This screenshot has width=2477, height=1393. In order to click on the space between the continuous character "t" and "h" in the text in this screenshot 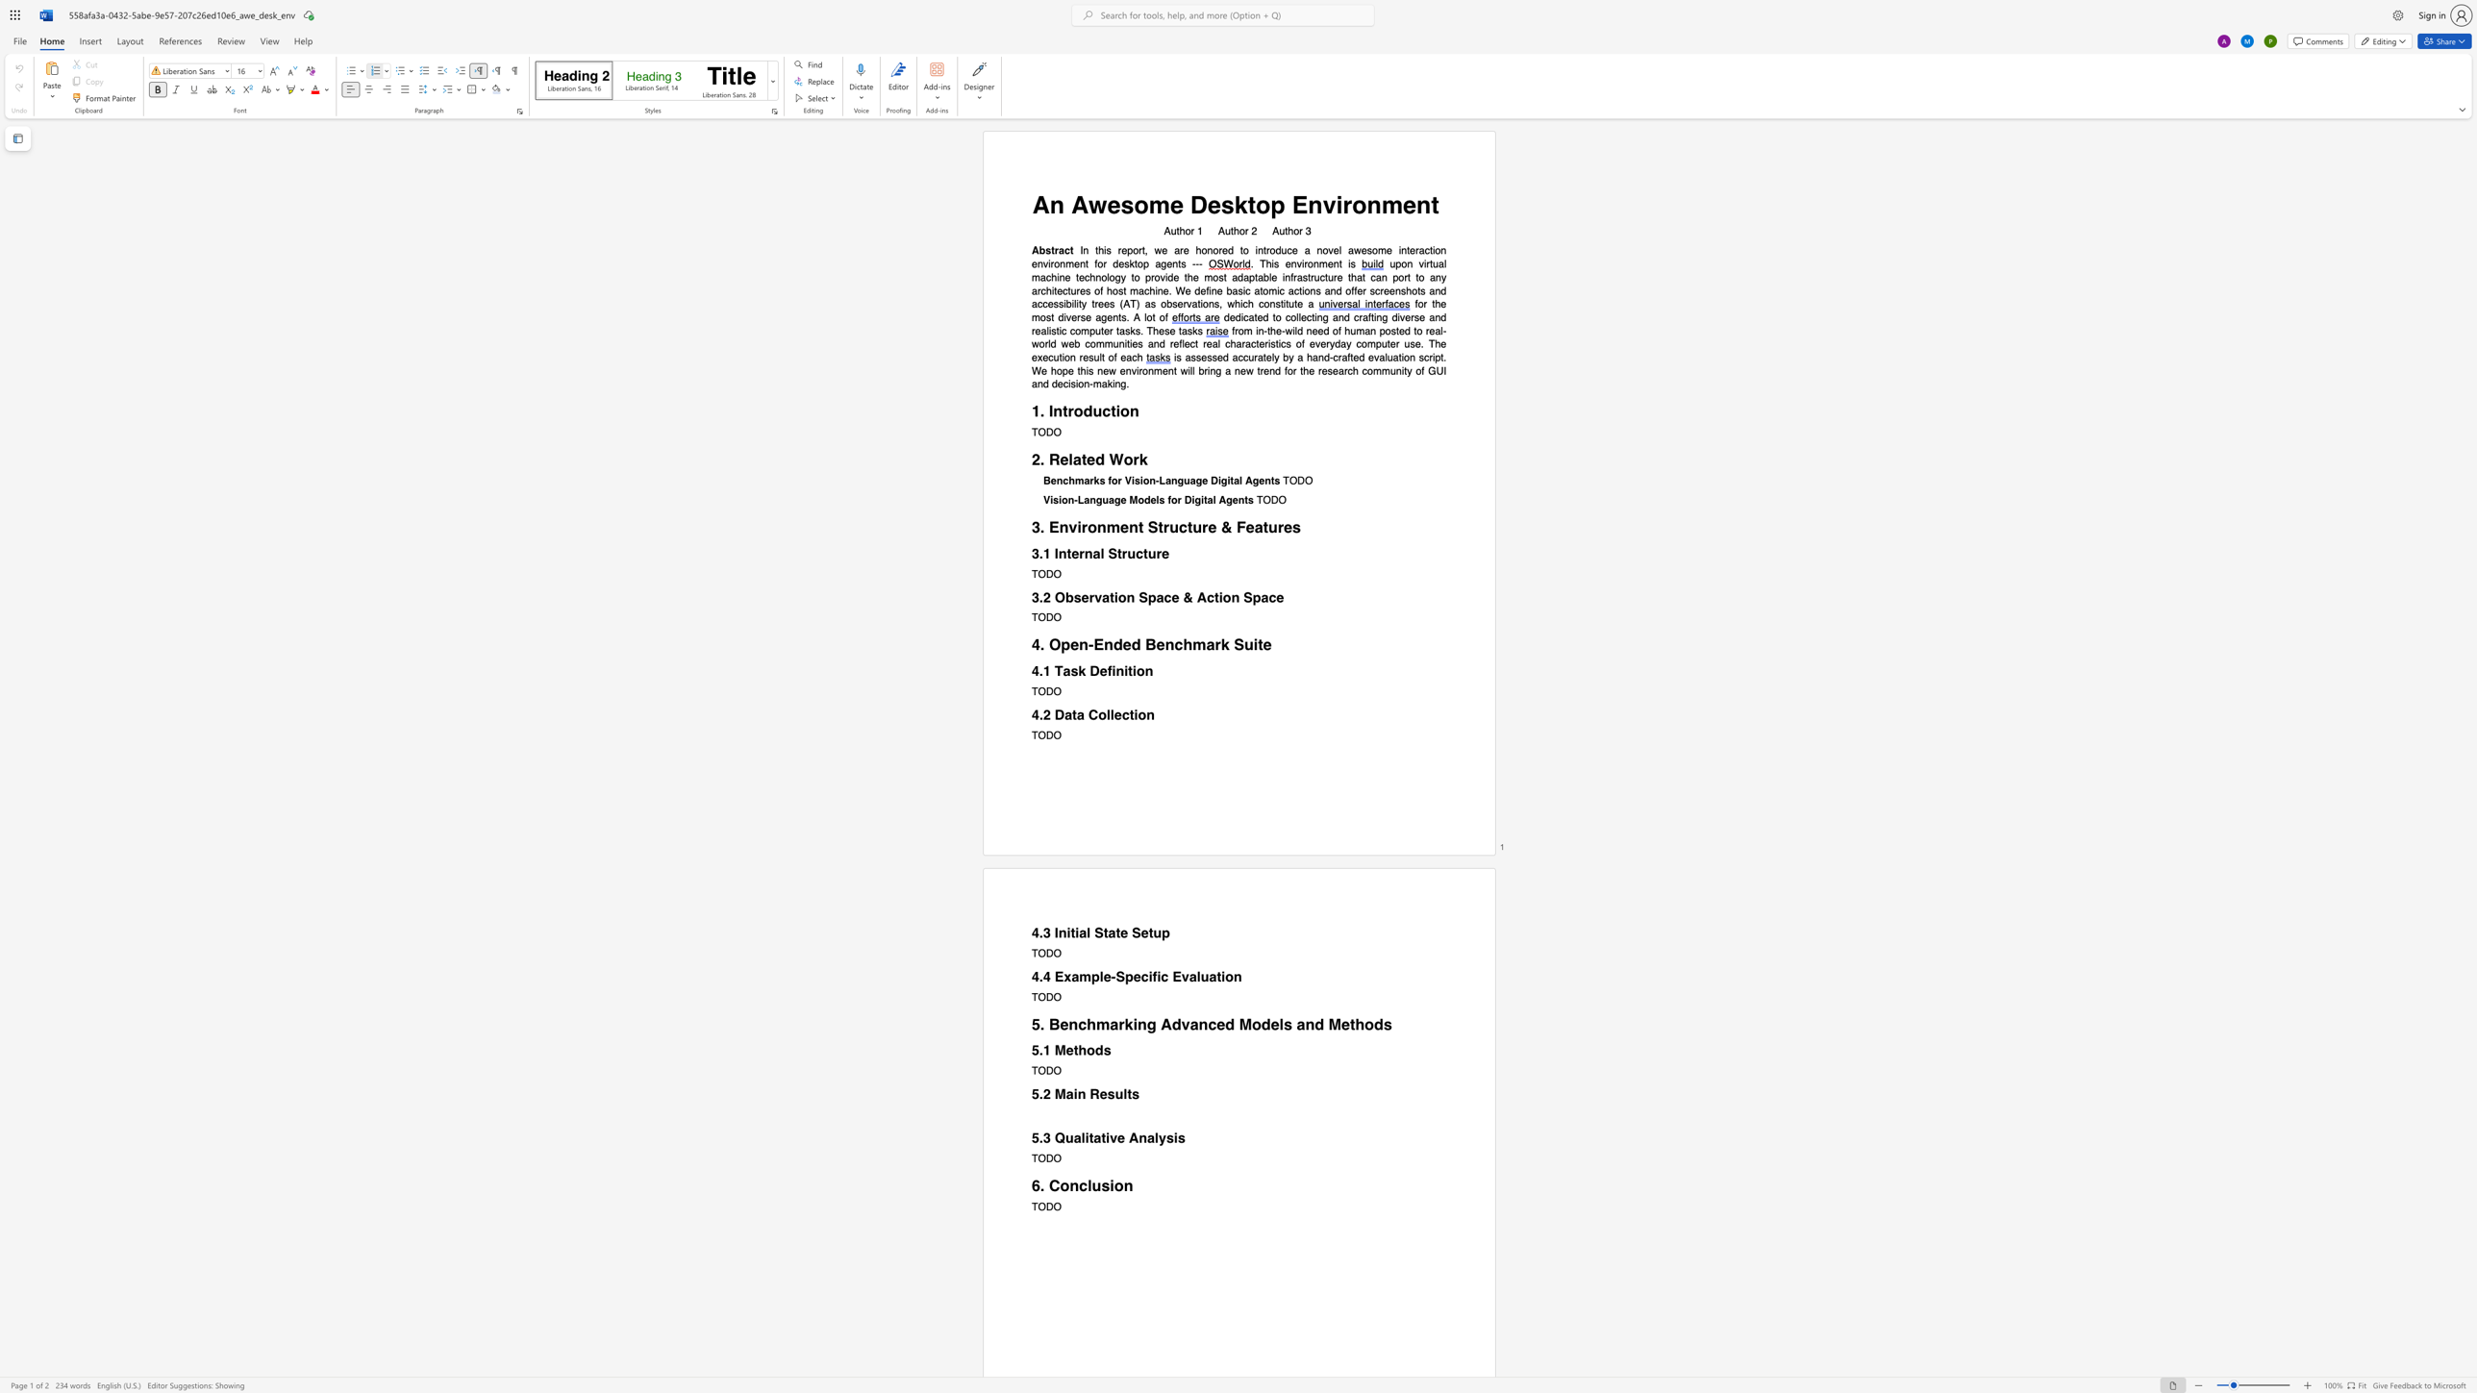, I will do `click(1079, 1050)`.